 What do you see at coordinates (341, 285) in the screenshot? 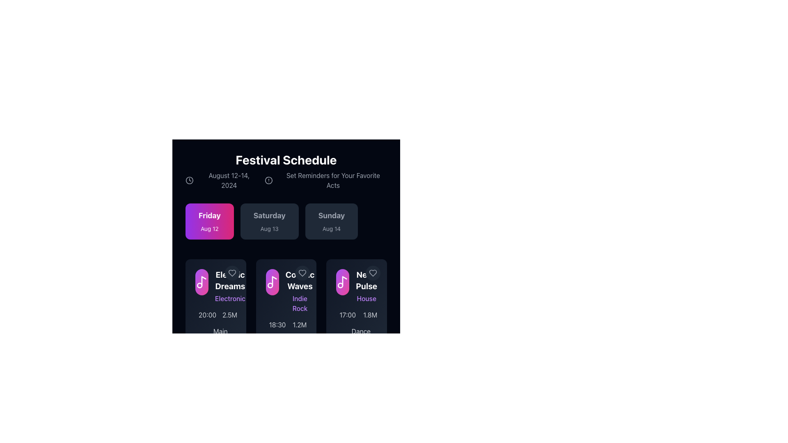
I see `the small pink circle icon that is part of the musical note in the 'Ne Pulse' event card, which is the third card from the left in the schedule list under the date tab 'Friday, Aug 12'` at bounding box center [341, 285].